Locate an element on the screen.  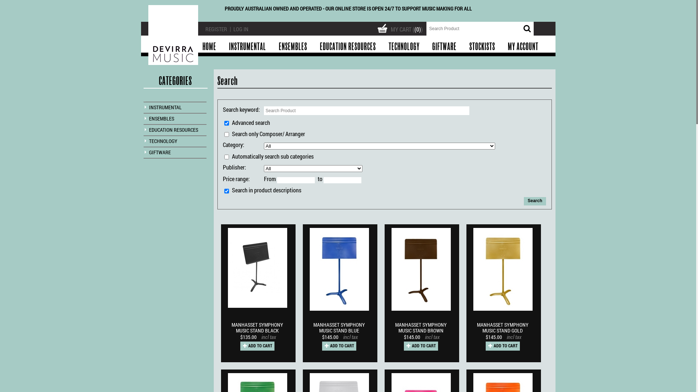
'Show details for Manhasset Symphony Music Stand Blue' is located at coordinates (339, 269).